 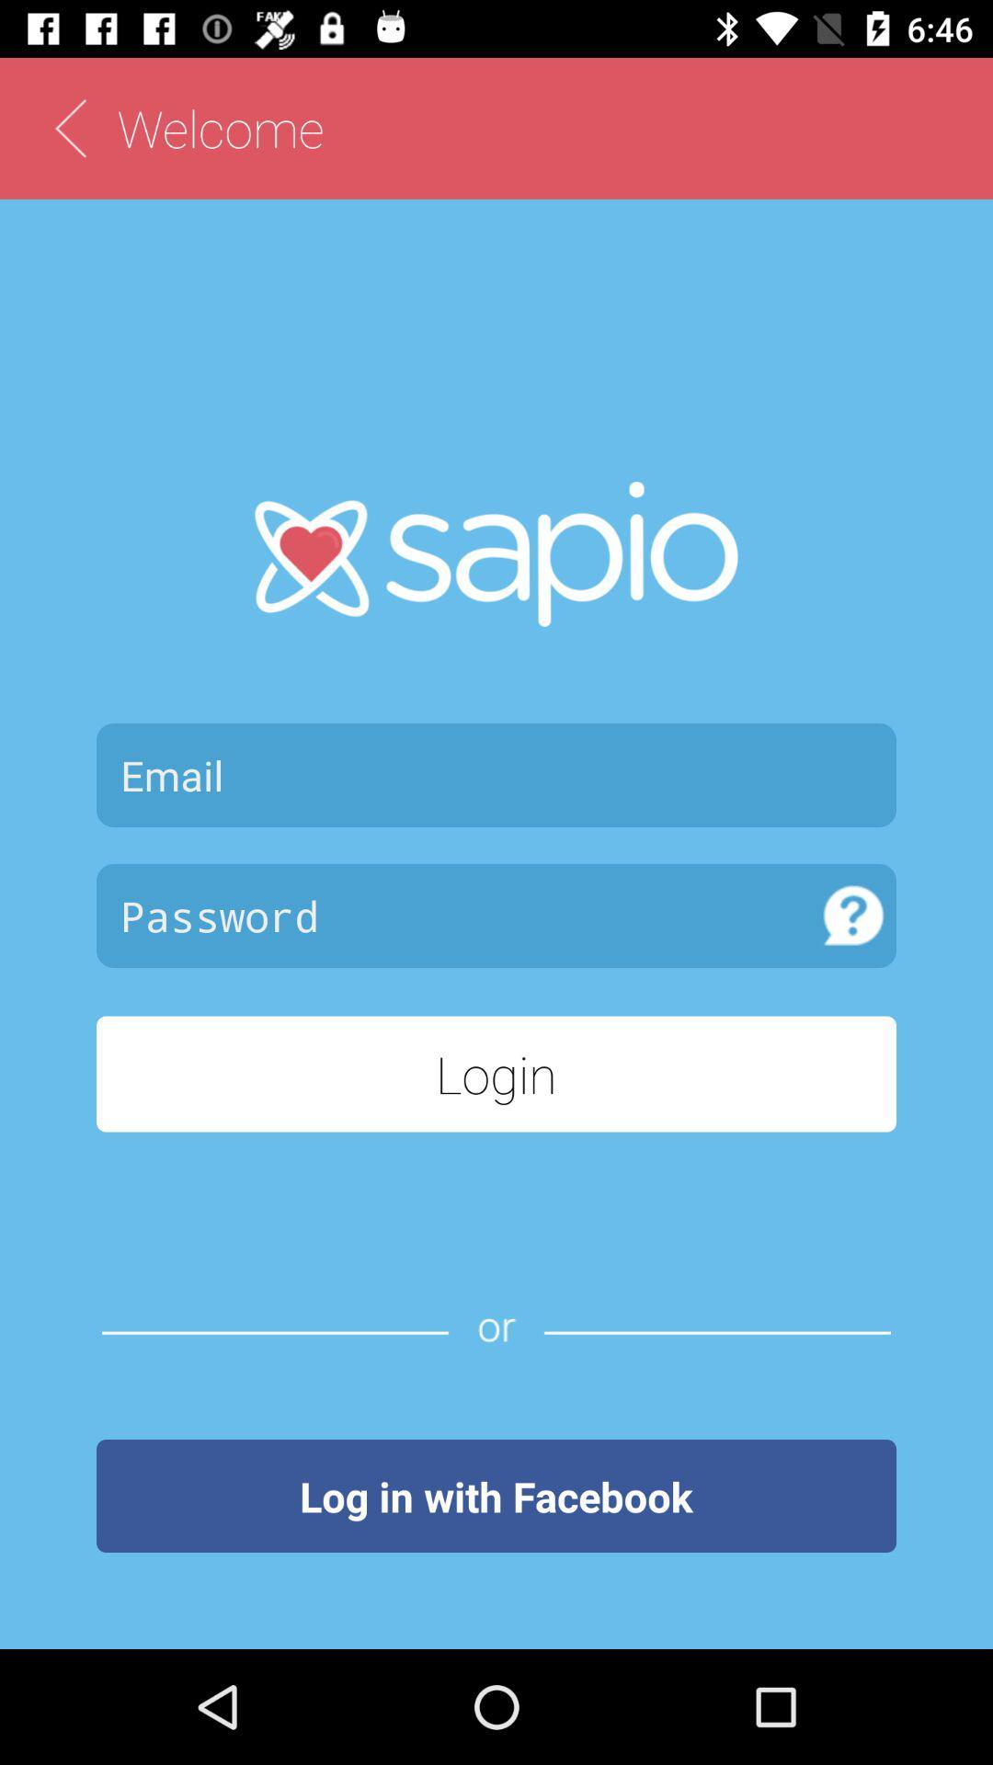 What do you see at coordinates (69, 127) in the screenshot?
I see `the app next to the welcome item` at bounding box center [69, 127].